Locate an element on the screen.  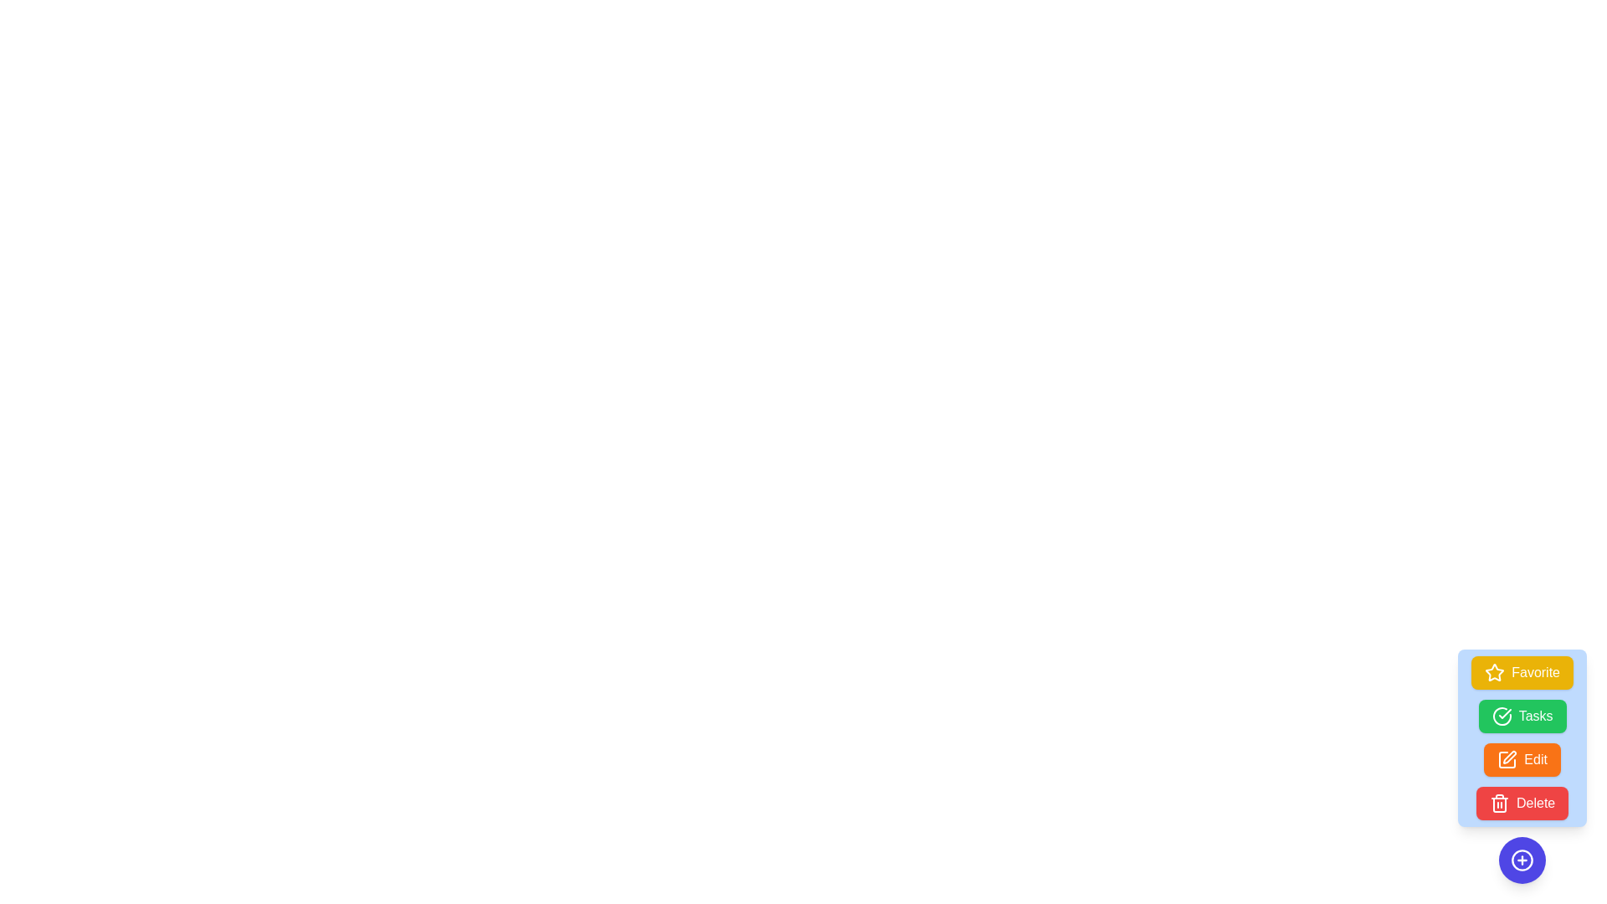
the delete button located at the bottom of the vertical stack on the right side, which is the fourth button in the stack is located at coordinates (1522, 803).